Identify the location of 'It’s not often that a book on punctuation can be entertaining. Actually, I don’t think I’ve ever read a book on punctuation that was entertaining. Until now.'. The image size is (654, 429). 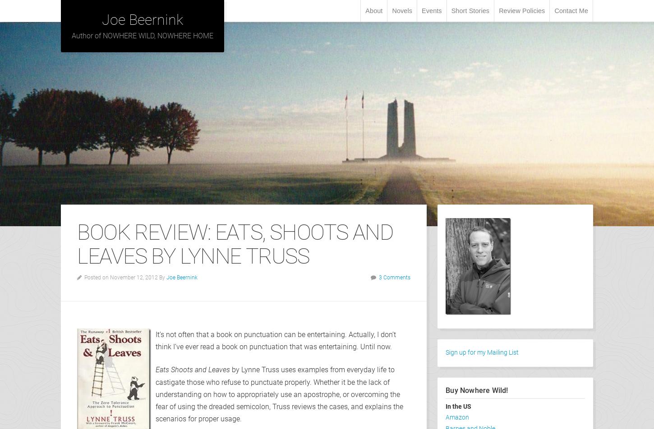
(155, 340).